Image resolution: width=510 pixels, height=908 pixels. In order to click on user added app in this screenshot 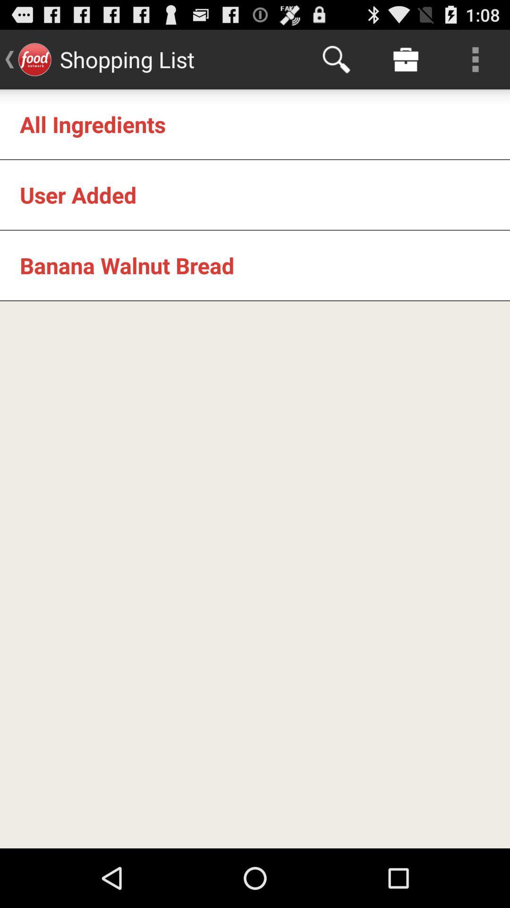, I will do `click(77, 194)`.